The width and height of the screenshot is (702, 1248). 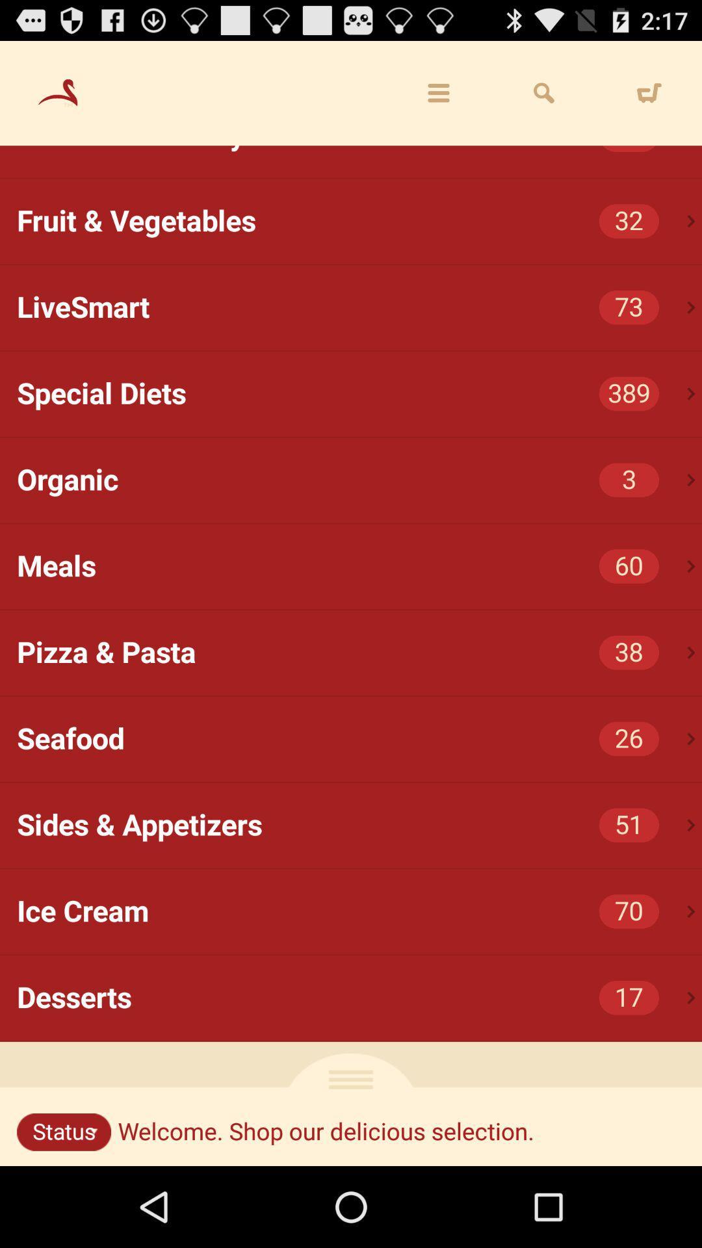 I want to click on the item to the right of the 17 icon, so click(x=690, y=997).